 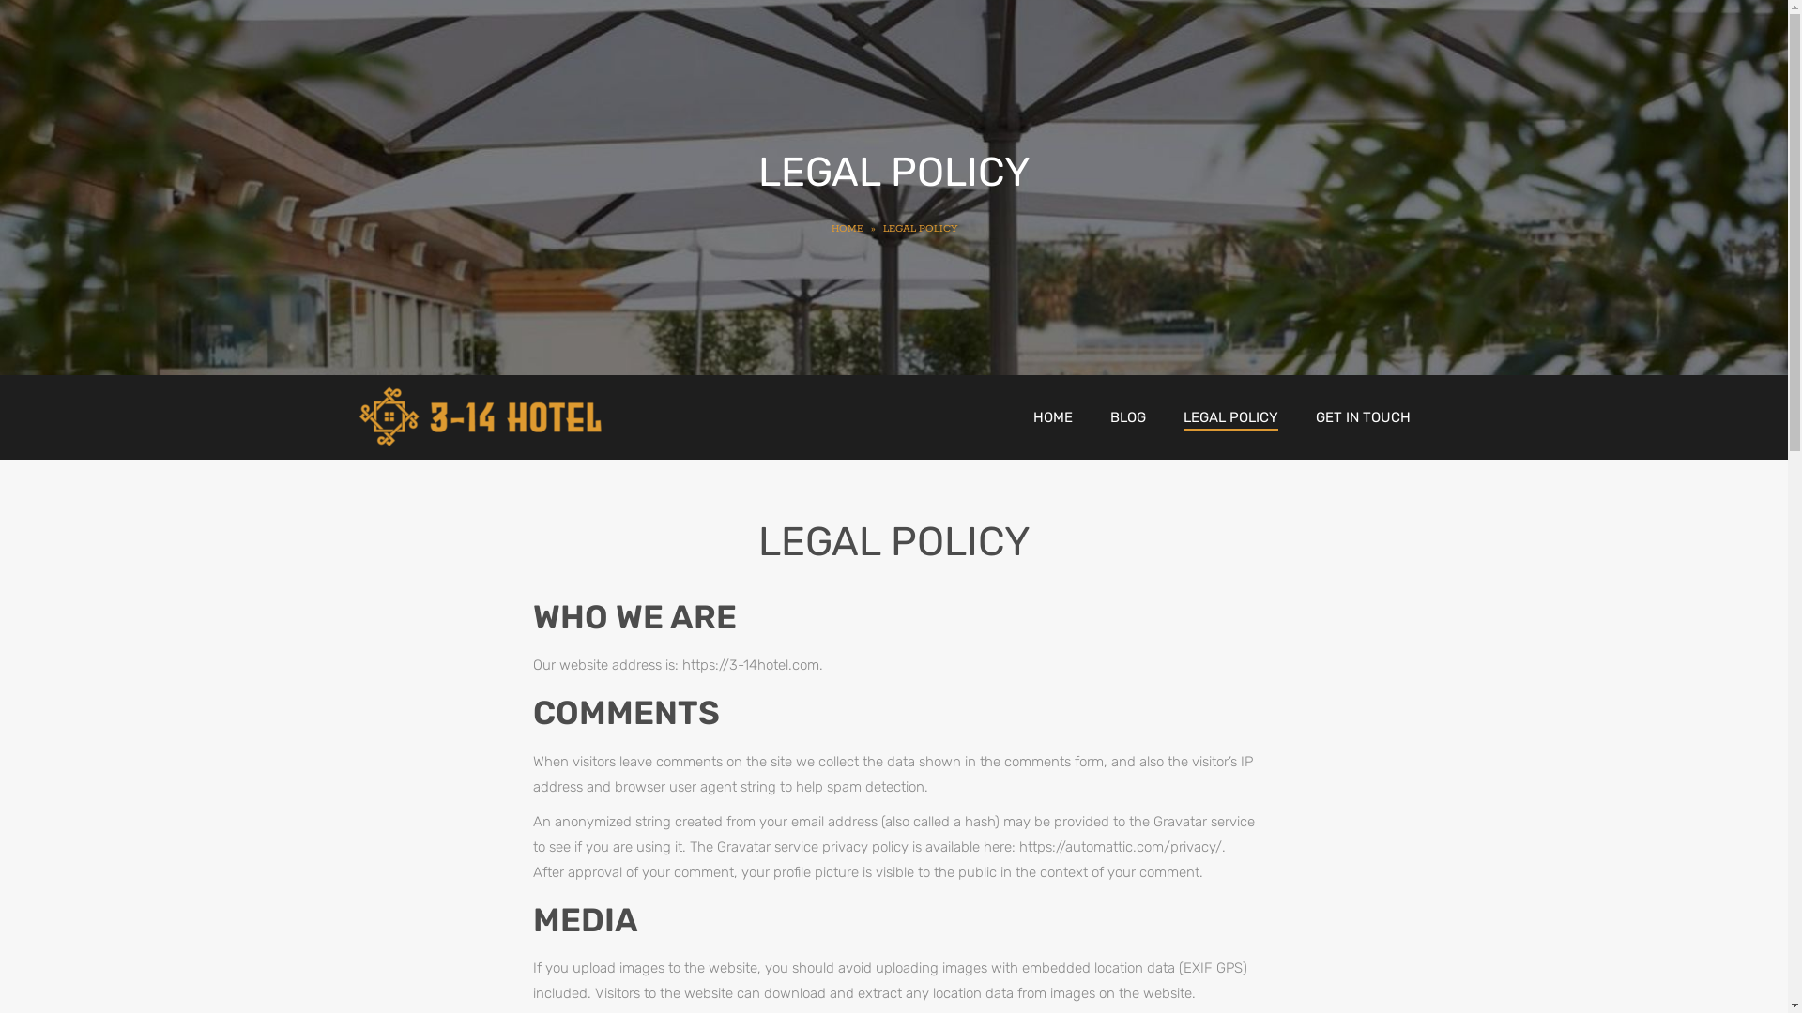 I want to click on 'BLOG', so click(x=1126, y=416).